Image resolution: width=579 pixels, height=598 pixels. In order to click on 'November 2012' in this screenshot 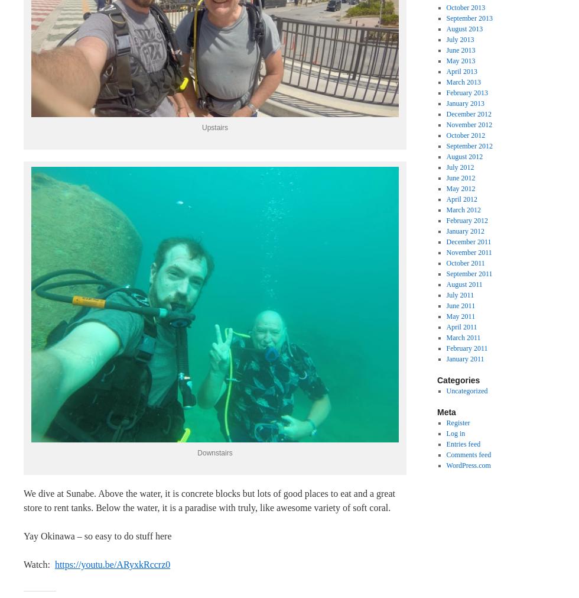, I will do `click(469, 124)`.